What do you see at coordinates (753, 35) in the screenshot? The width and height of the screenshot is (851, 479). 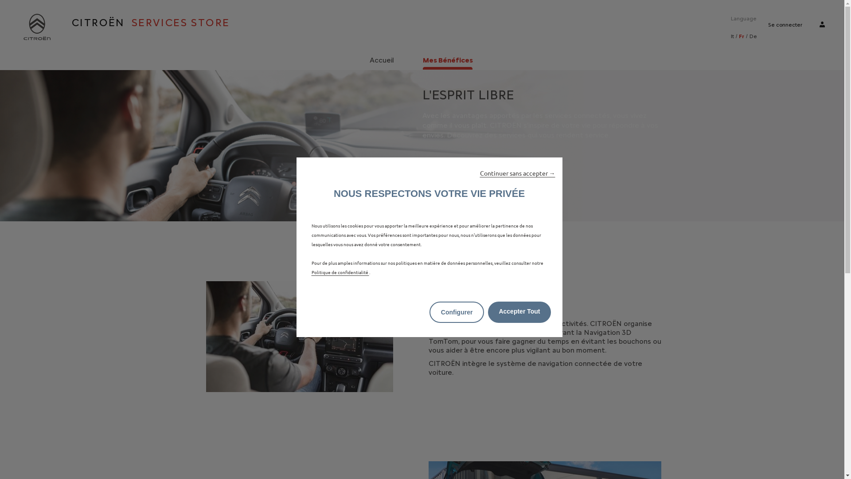 I see `'De'` at bounding box center [753, 35].